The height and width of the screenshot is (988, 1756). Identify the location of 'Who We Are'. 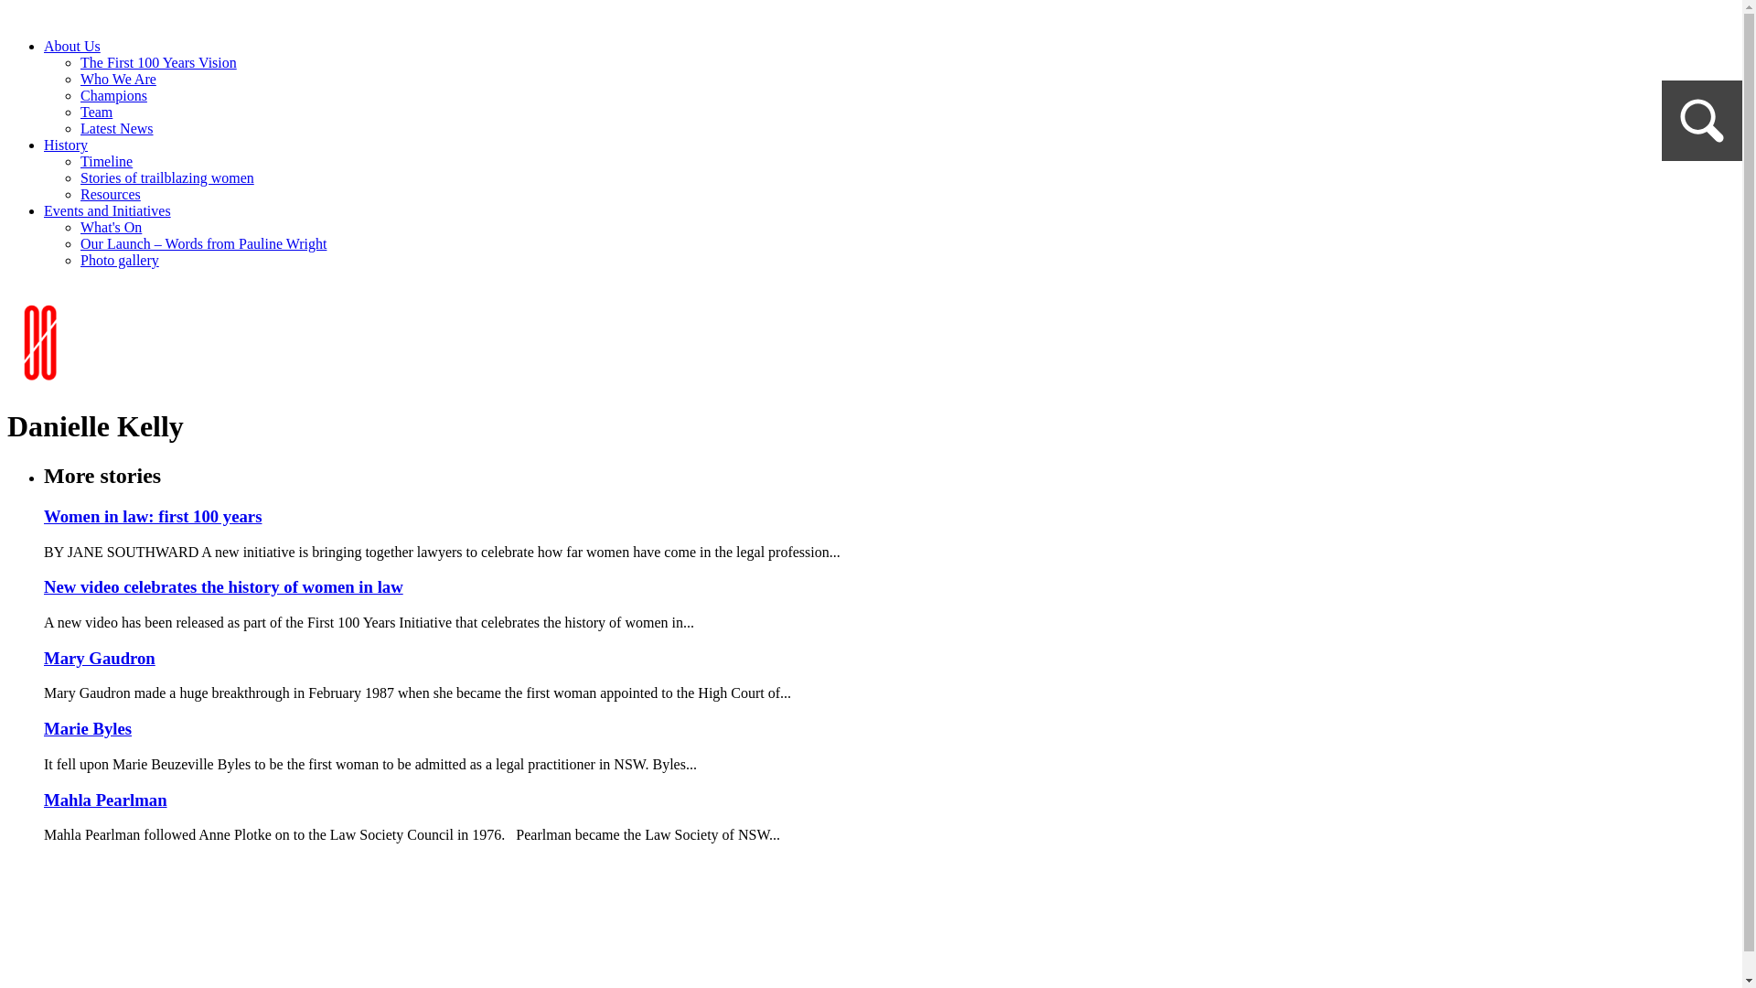
(117, 78).